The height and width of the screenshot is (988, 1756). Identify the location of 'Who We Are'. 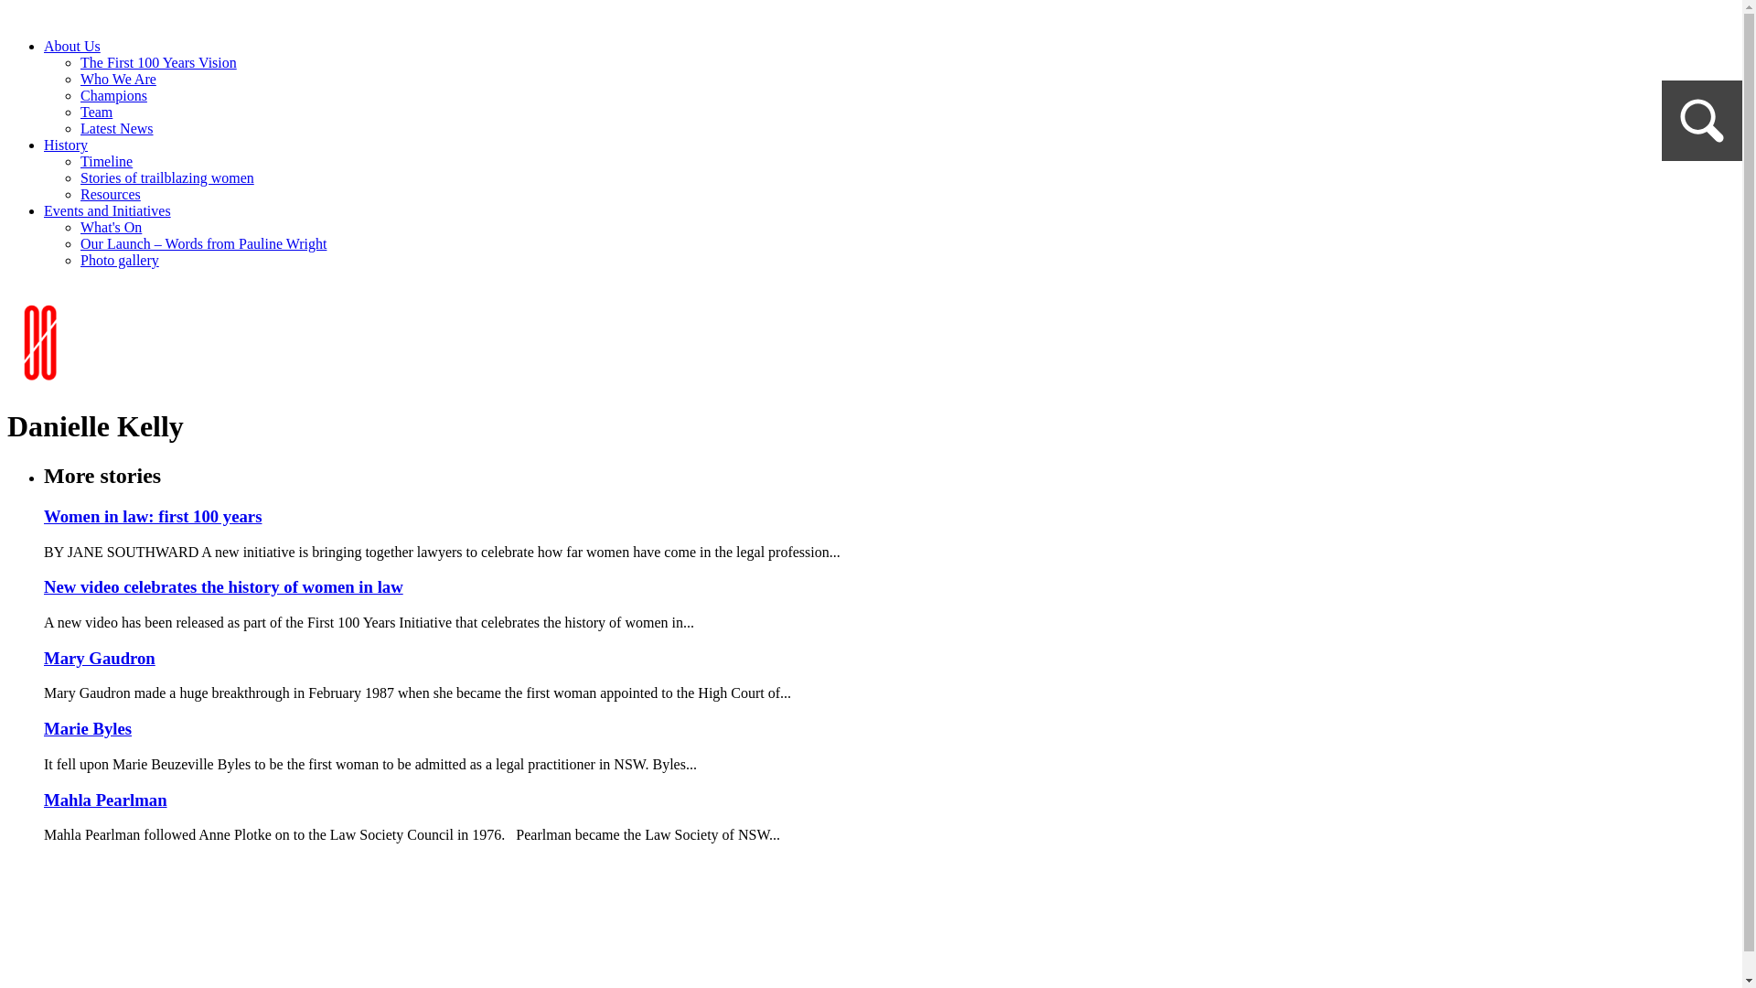
(117, 78).